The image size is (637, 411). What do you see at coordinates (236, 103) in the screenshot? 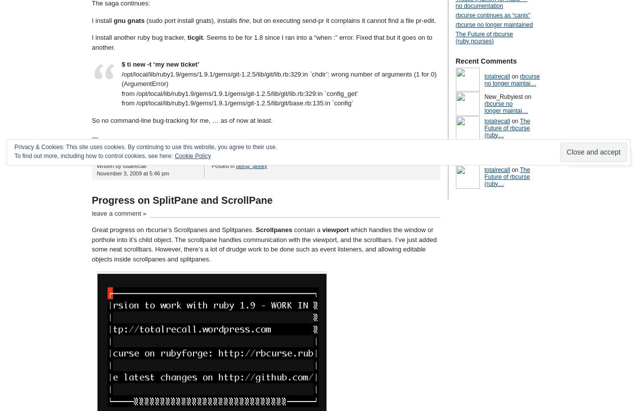
I see `'from /opt/local/lib/ruby1.9/gems/1.9.1/gems/git-1.2.5/lib/git/base.rb:135:in `config’'` at bounding box center [236, 103].